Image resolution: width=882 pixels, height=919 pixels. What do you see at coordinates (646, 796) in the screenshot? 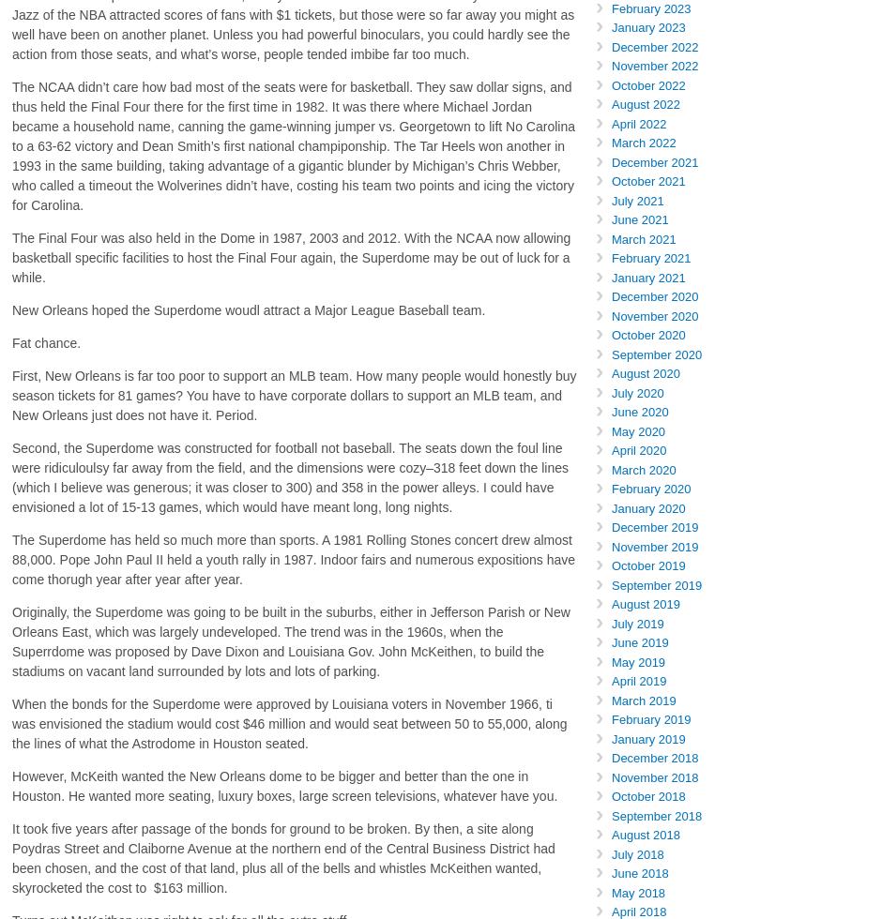
I see `'October 2018'` at bounding box center [646, 796].